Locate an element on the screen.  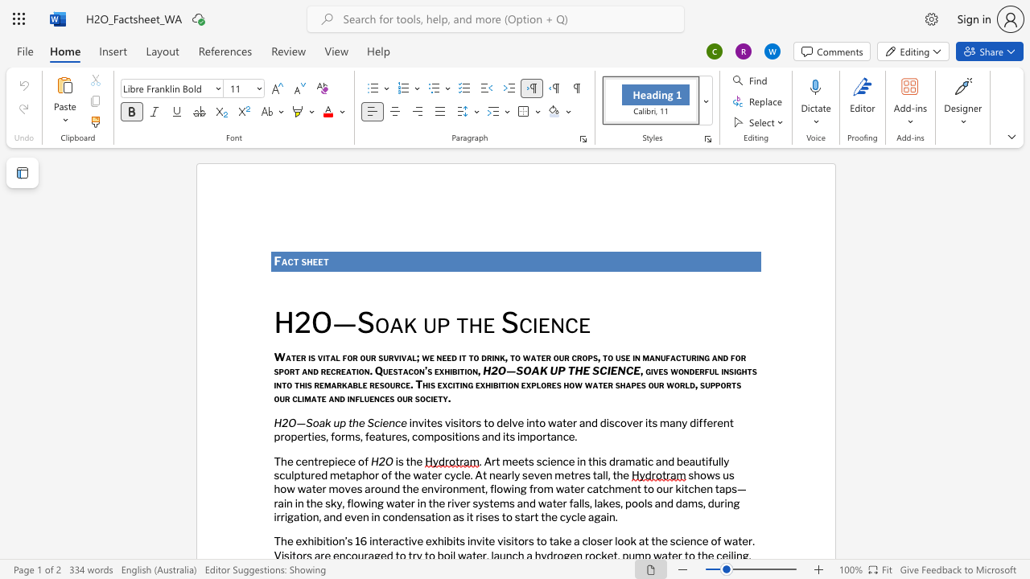
the 9th character "t" in the text is located at coordinates (382, 437).